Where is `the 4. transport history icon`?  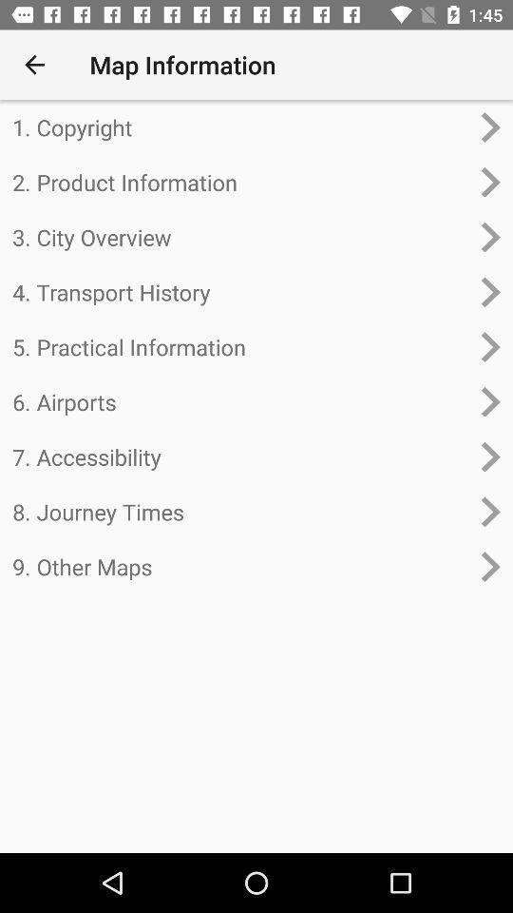
the 4. transport history icon is located at coordinates (240, 292).